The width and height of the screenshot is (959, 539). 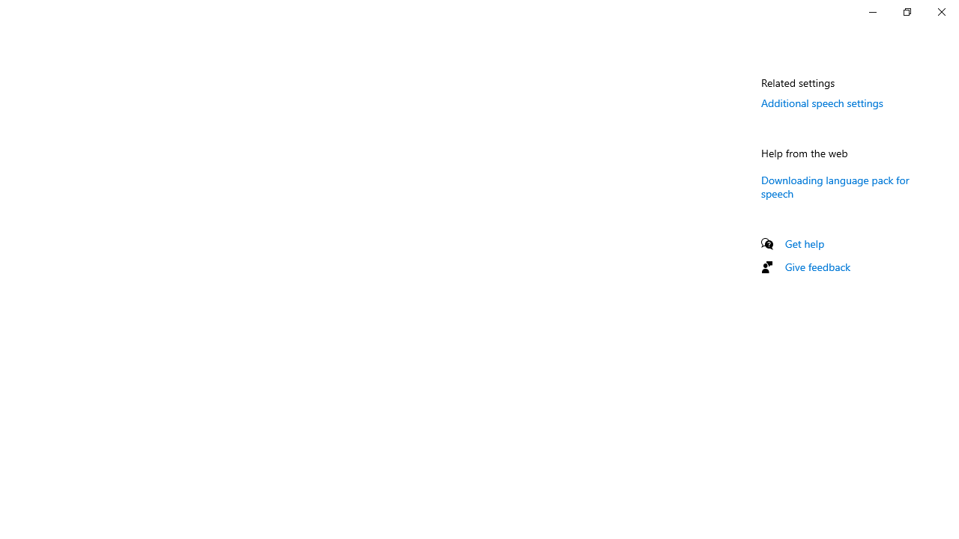 I want to click on 'Downloading language pack for speech', so click(x=834, y=185).